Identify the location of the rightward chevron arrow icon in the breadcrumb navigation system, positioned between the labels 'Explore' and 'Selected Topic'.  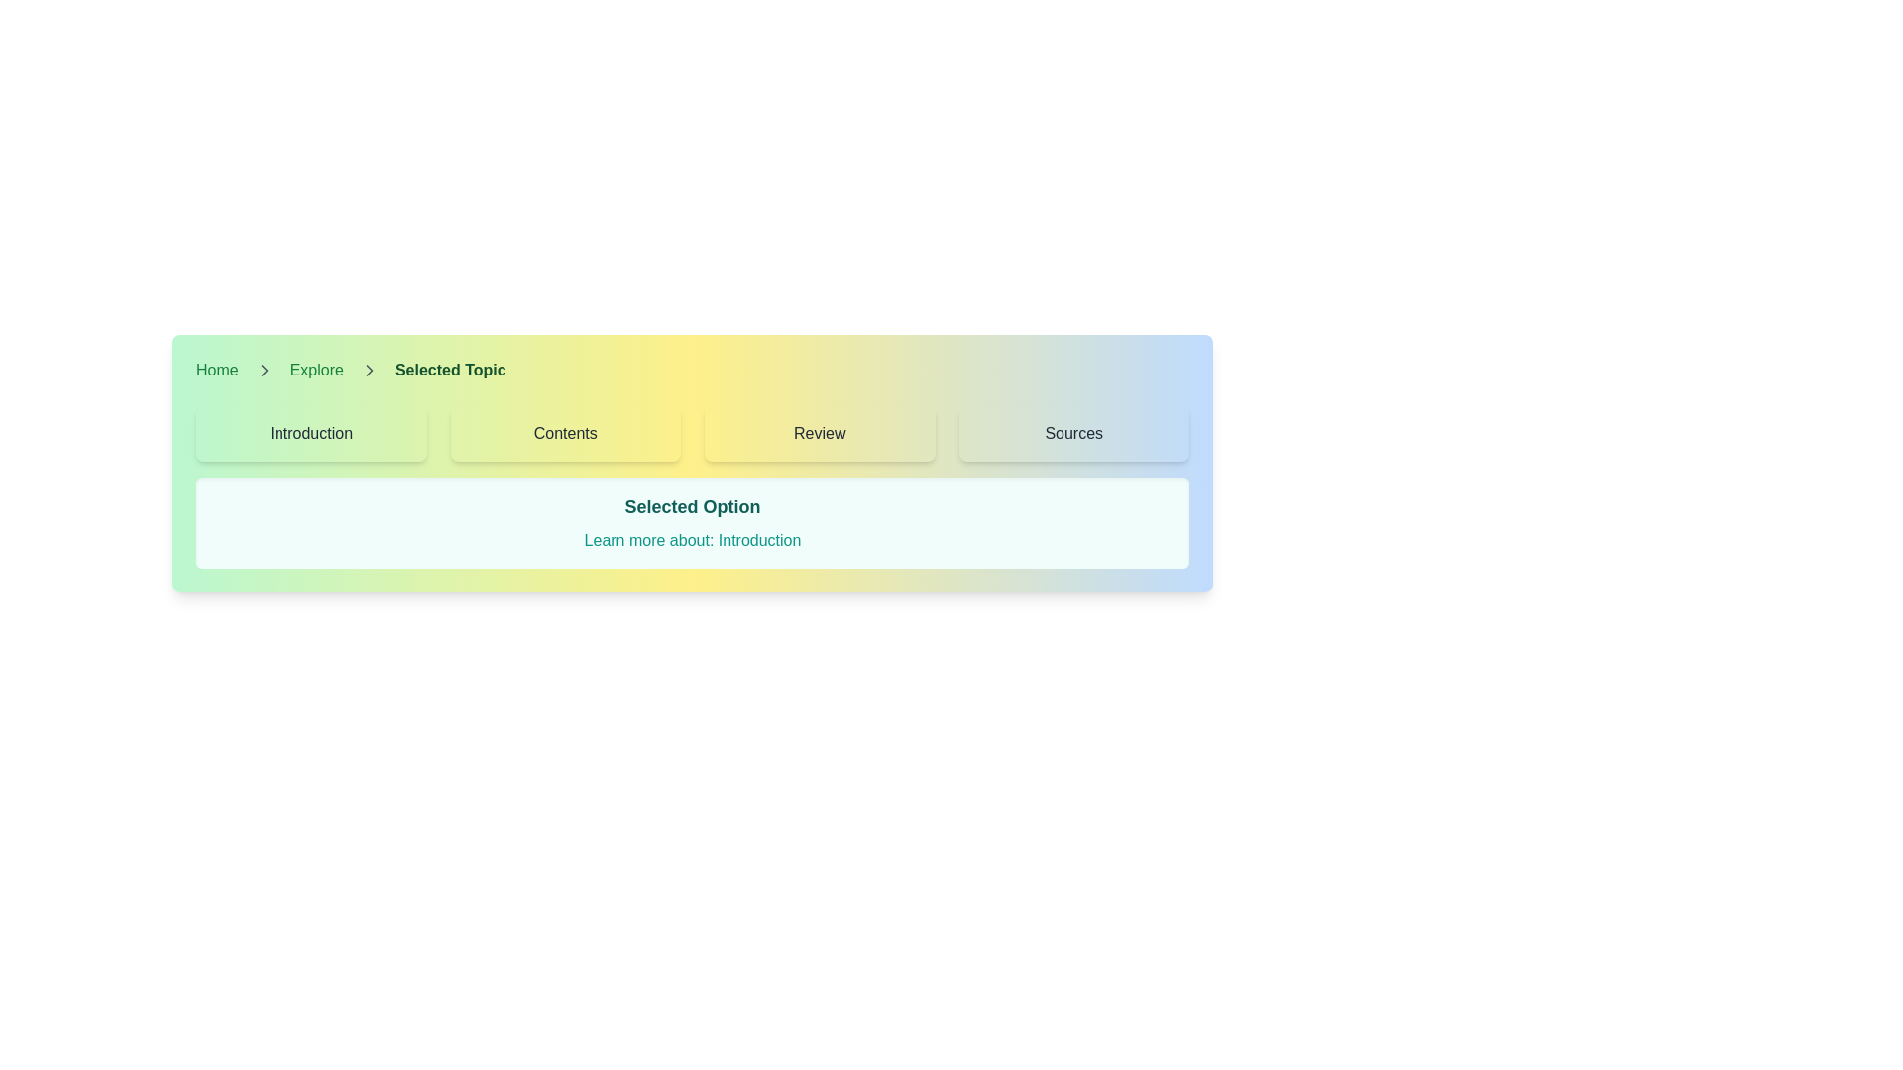
(263, 371).